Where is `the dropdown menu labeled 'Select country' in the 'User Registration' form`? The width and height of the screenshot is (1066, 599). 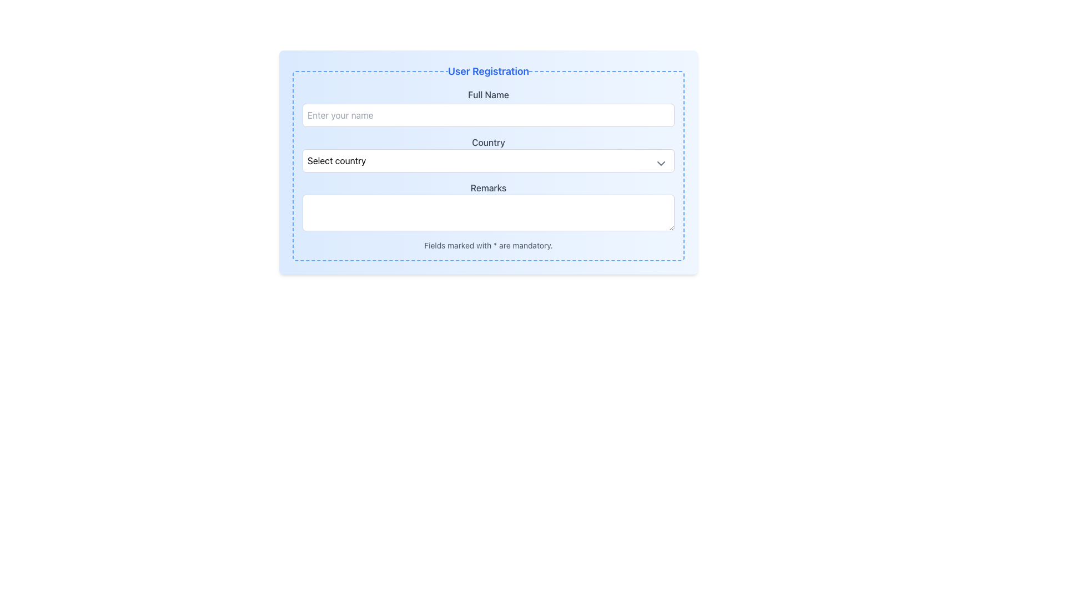
the dropdown menu labeled 'Select country' in the 'User Registration' form is located at coordinates (488, 160).